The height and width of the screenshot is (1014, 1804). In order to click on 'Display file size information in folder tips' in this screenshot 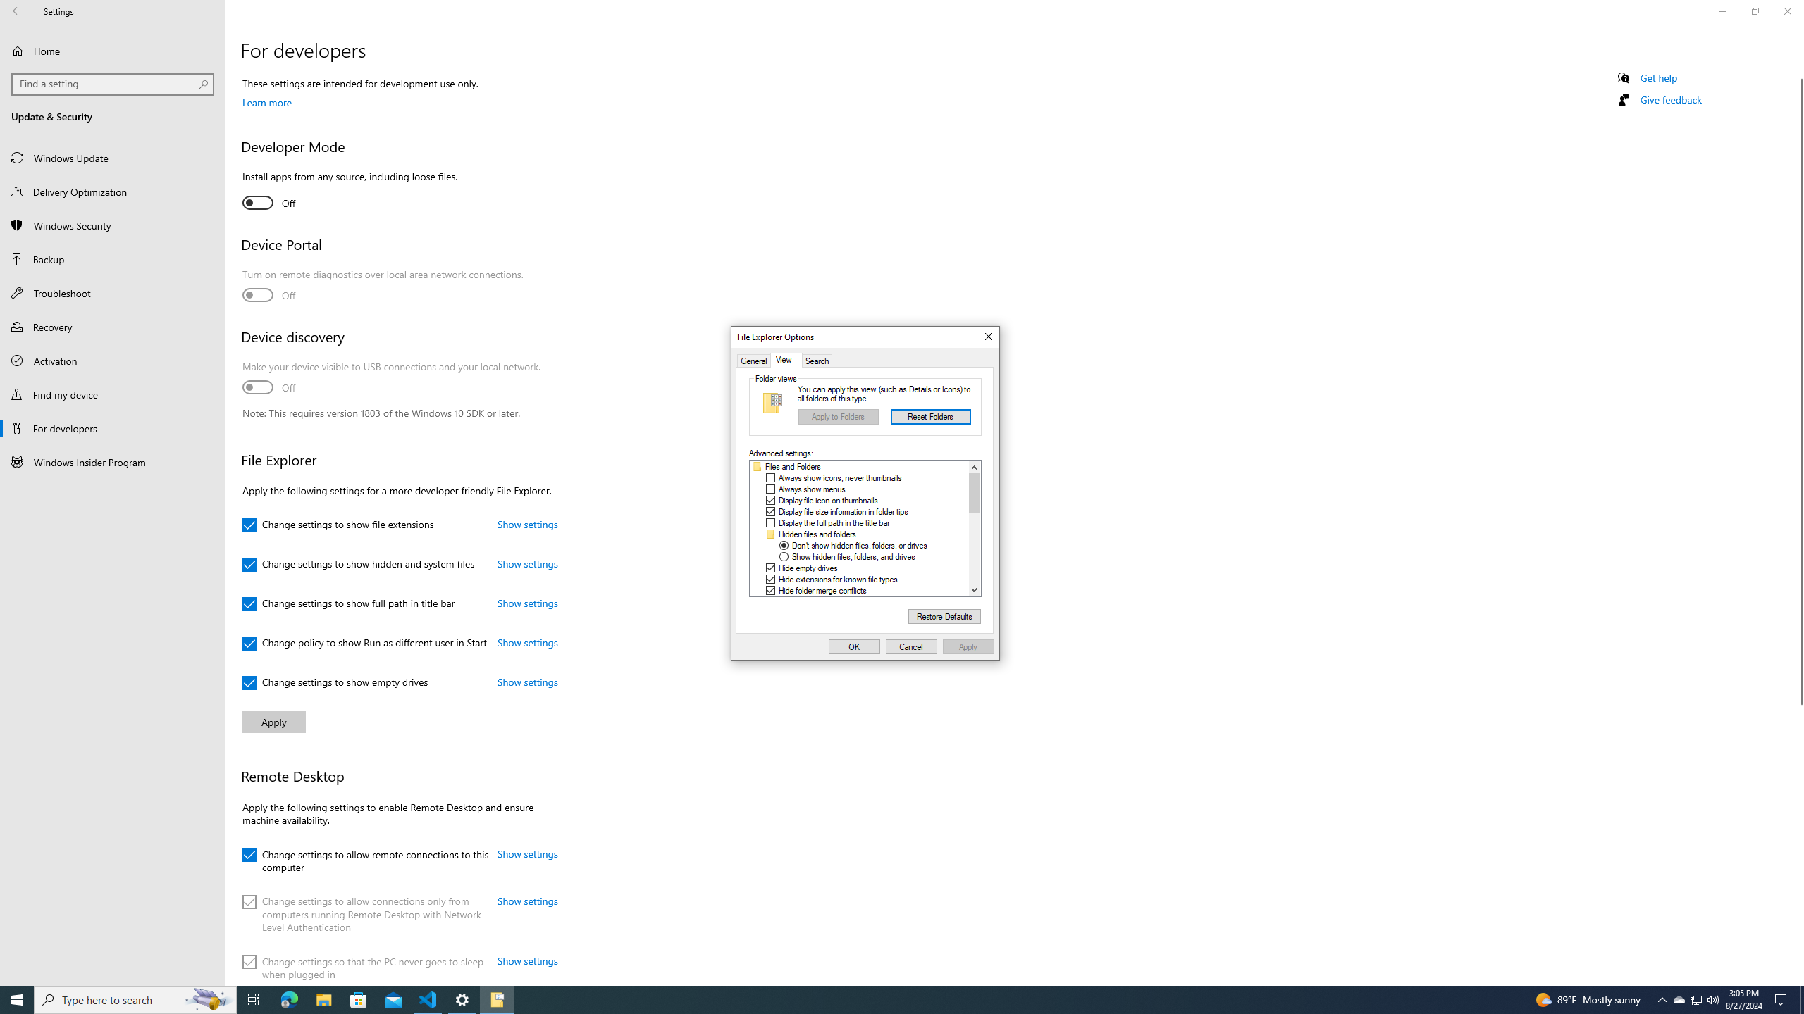, I will do `click(842, 511)`.